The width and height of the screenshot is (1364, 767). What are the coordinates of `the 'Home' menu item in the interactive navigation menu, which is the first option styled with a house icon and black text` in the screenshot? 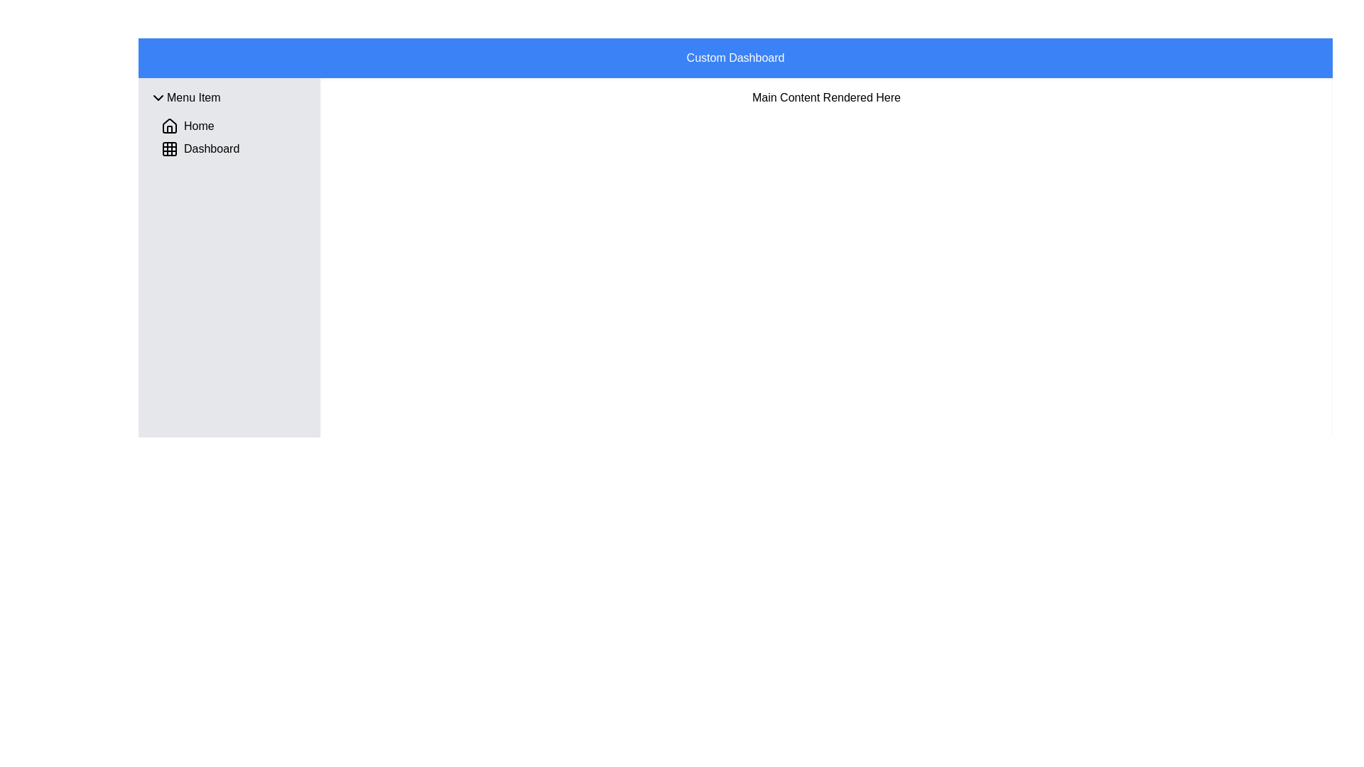 It's located at (187, 125).